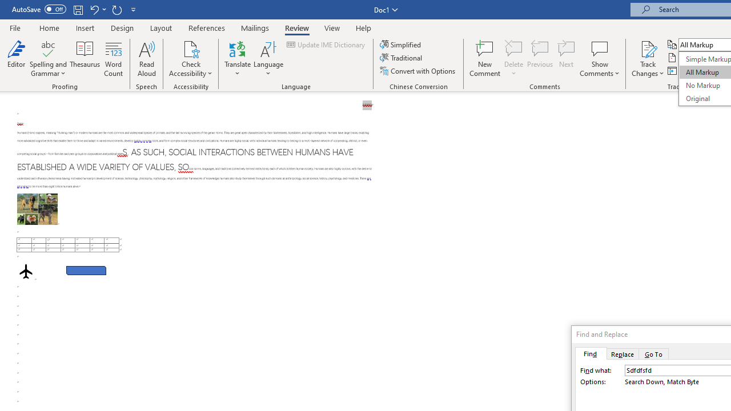 This screenshot has height=411, width=731. What do you see at coordinates (654, 353) in the screenshot?
I see `'Go To'` at bounding box center [654, 353].